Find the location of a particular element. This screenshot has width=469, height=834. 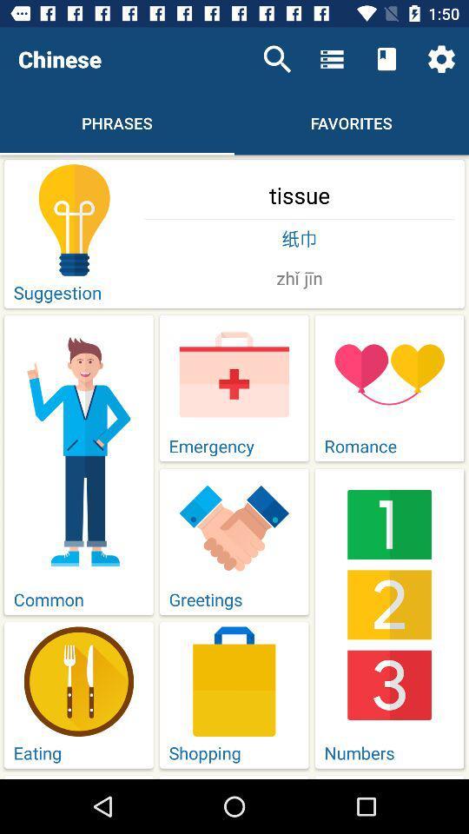

item above the favorites icon is located at coordinates (332, 59).